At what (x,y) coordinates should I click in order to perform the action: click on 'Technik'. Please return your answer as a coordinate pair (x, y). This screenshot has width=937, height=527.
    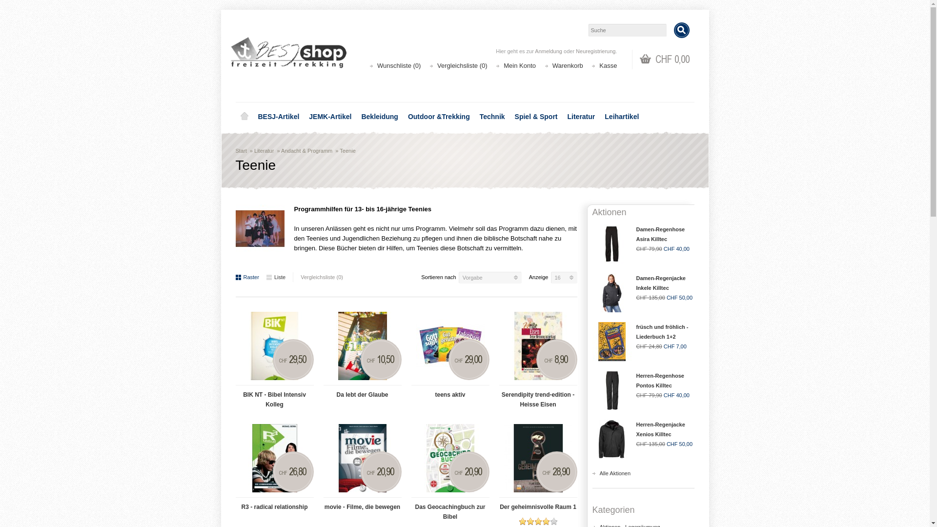
    Looking at the image, I should click on (492, 116).